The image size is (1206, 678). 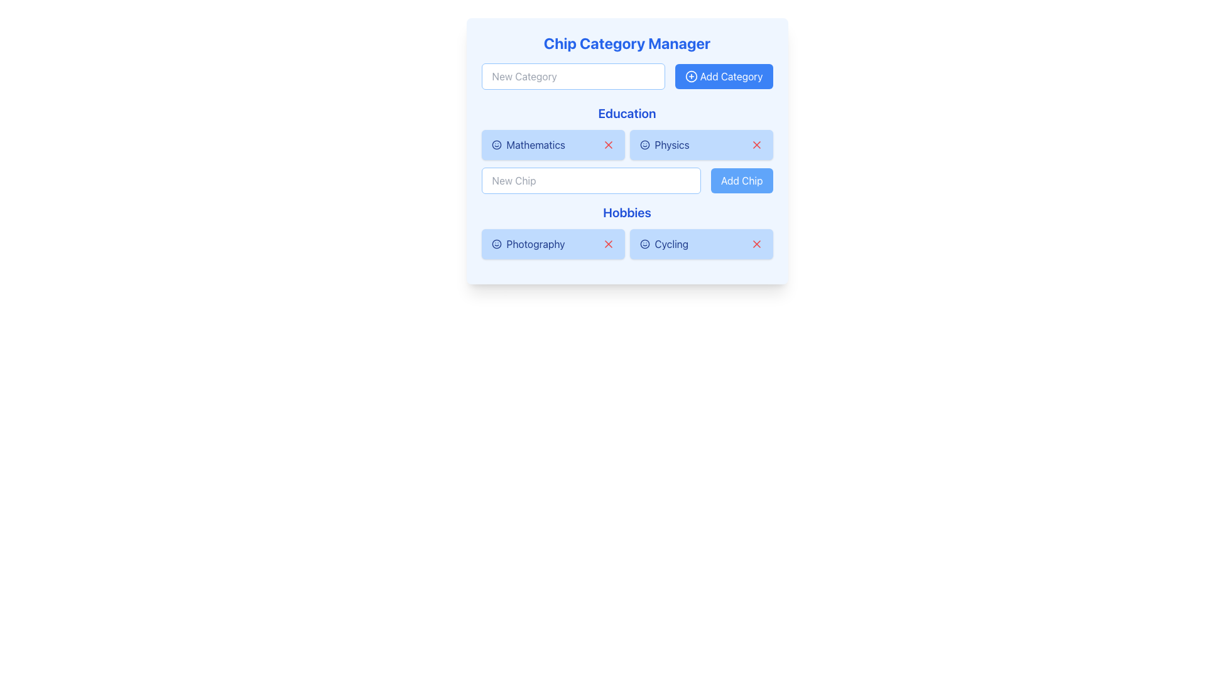 What do you see at coordinates (608, 244) in the screenshot?
I see `the delete icon button located next to the 'Photography' chip in the 'Hobbies' section` at bounding box center [608, 244].